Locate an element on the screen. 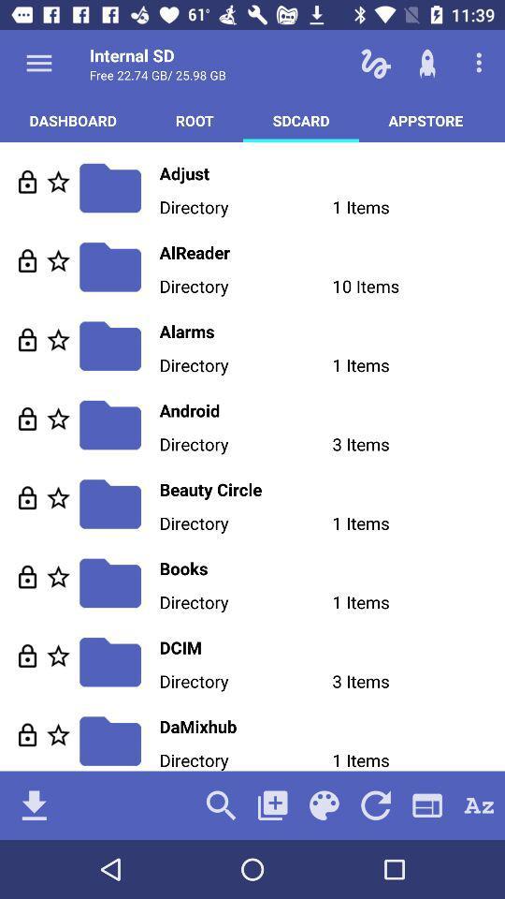 The height and width of the screenshot is (899, 505). security option is located at coordinates (26, 338).